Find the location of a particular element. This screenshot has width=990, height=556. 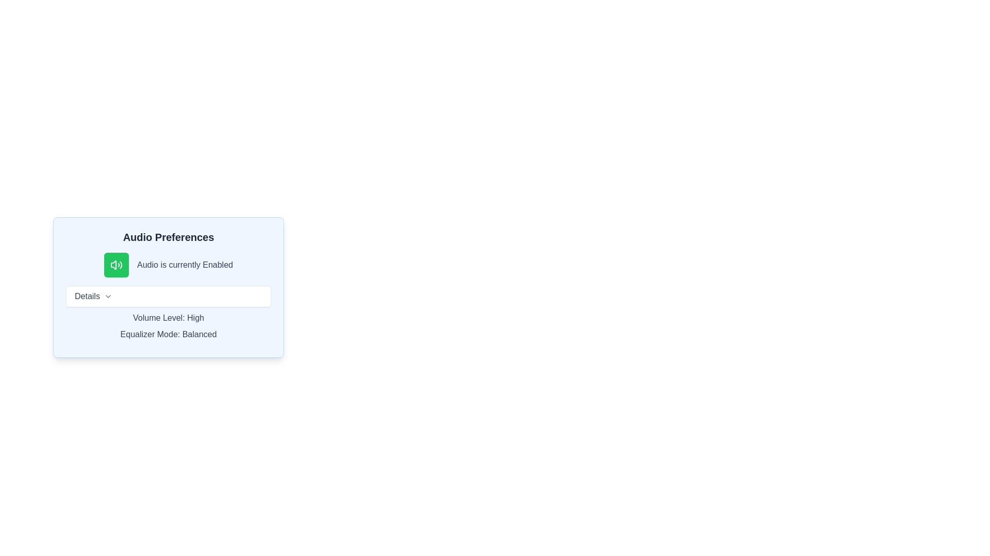

the static text label displaying the current volume level in the audio preferences, positioned above the 'Equalizer Mode: Balanced' text is located at coordinates (168, 317).